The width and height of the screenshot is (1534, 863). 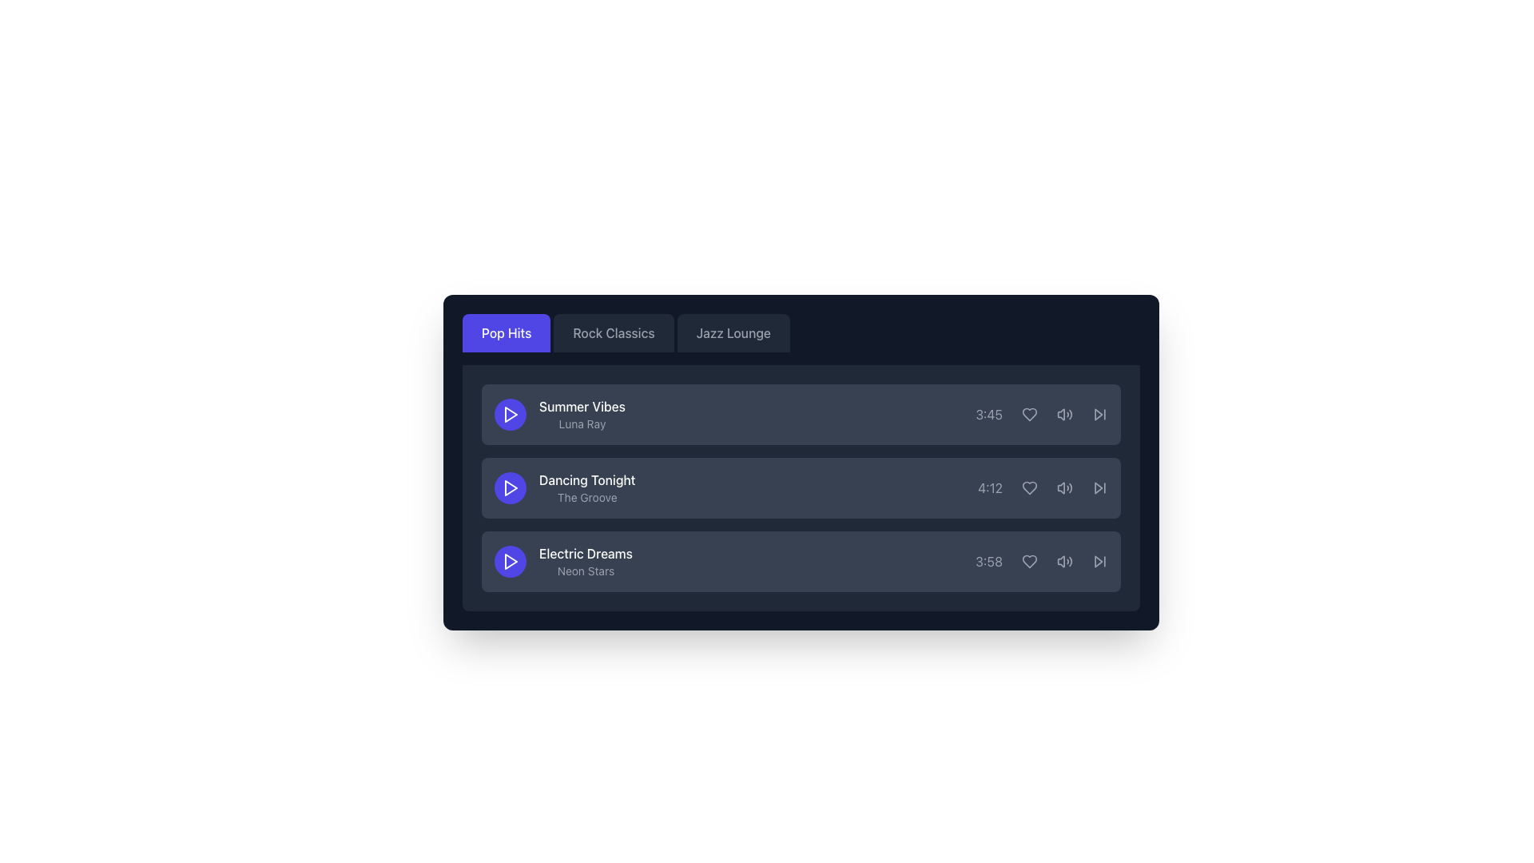 I want to click on the triangular play icon button, which is blue and part of the first media item list, so click(x=510, y=414).